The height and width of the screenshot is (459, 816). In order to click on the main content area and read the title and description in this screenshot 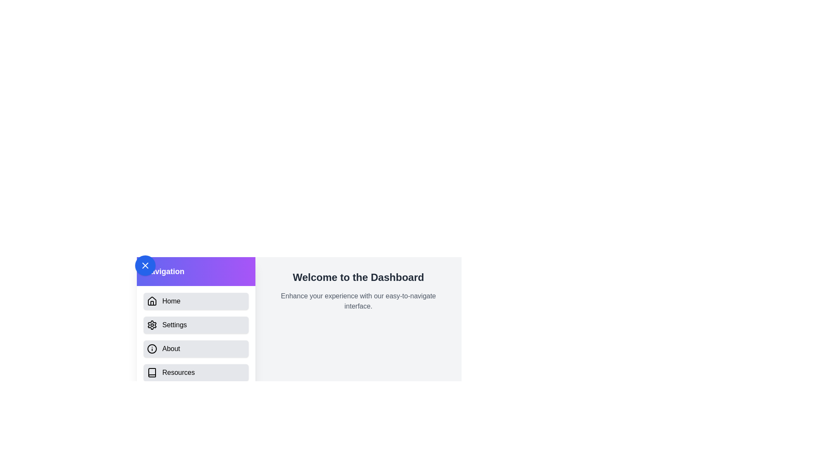, I will do `click(358, 277)`.